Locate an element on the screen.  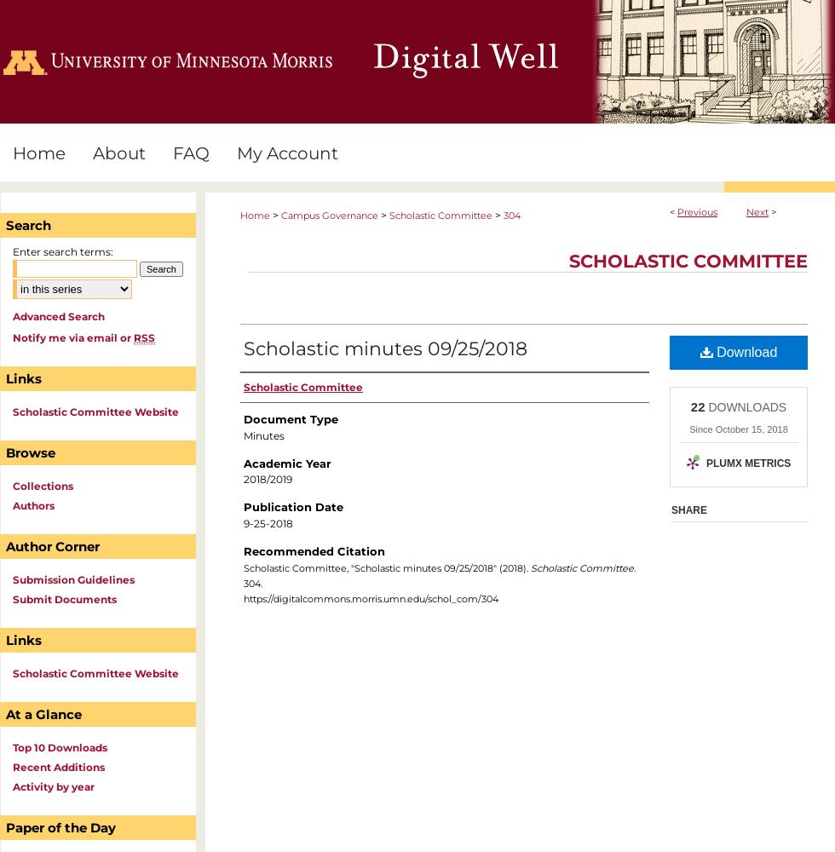
'Academic Year' is located at coordinates (287, 463).